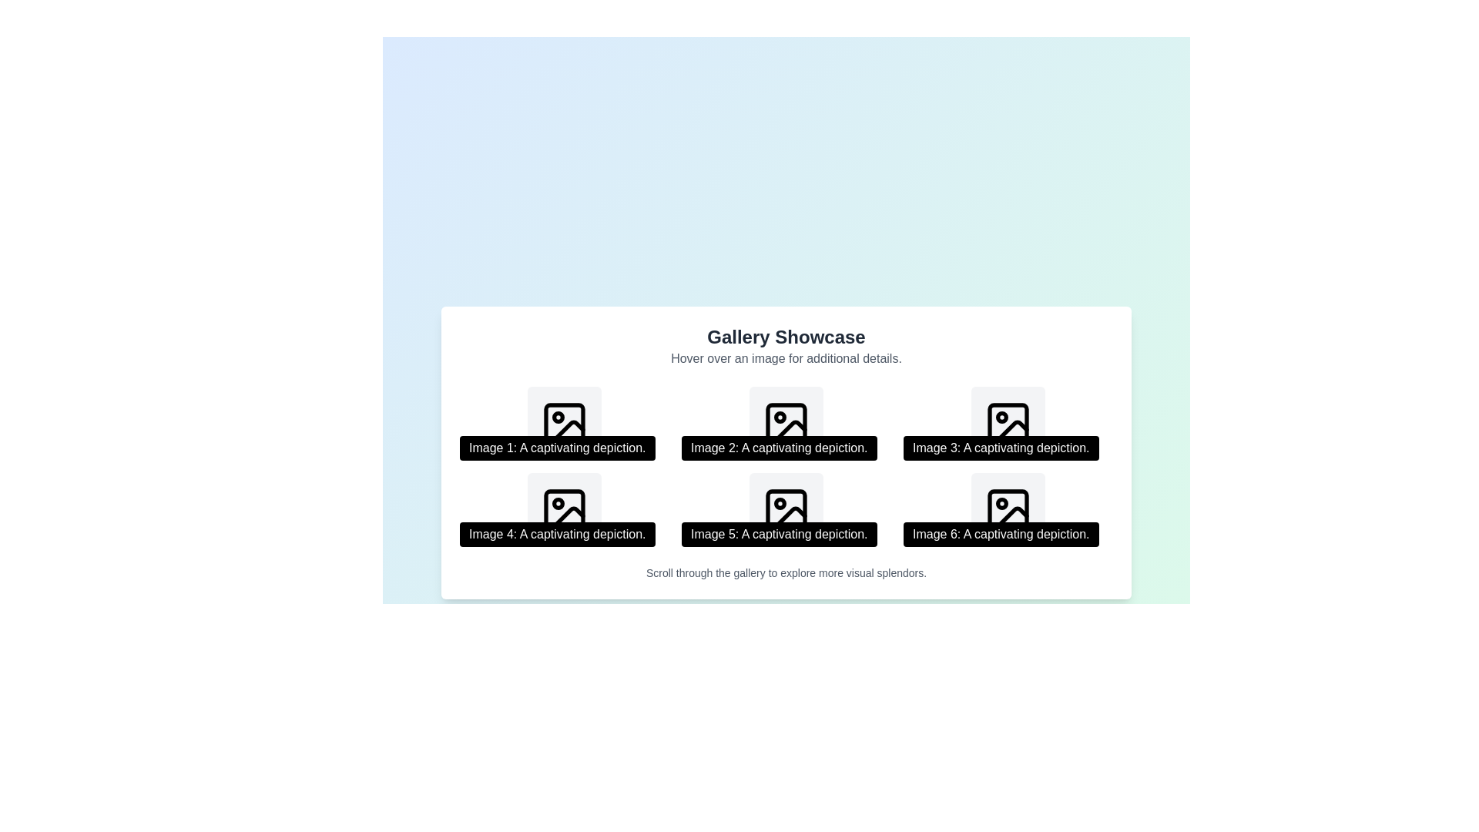 This screenshot has height=832, width=1479. Describe the element at coordinates (1001, 504) in the screenshot. I see `the decorative Circle located in the sixth image slot of the gallery layout, positioned near the top-left corner of its square image frame` at that location.